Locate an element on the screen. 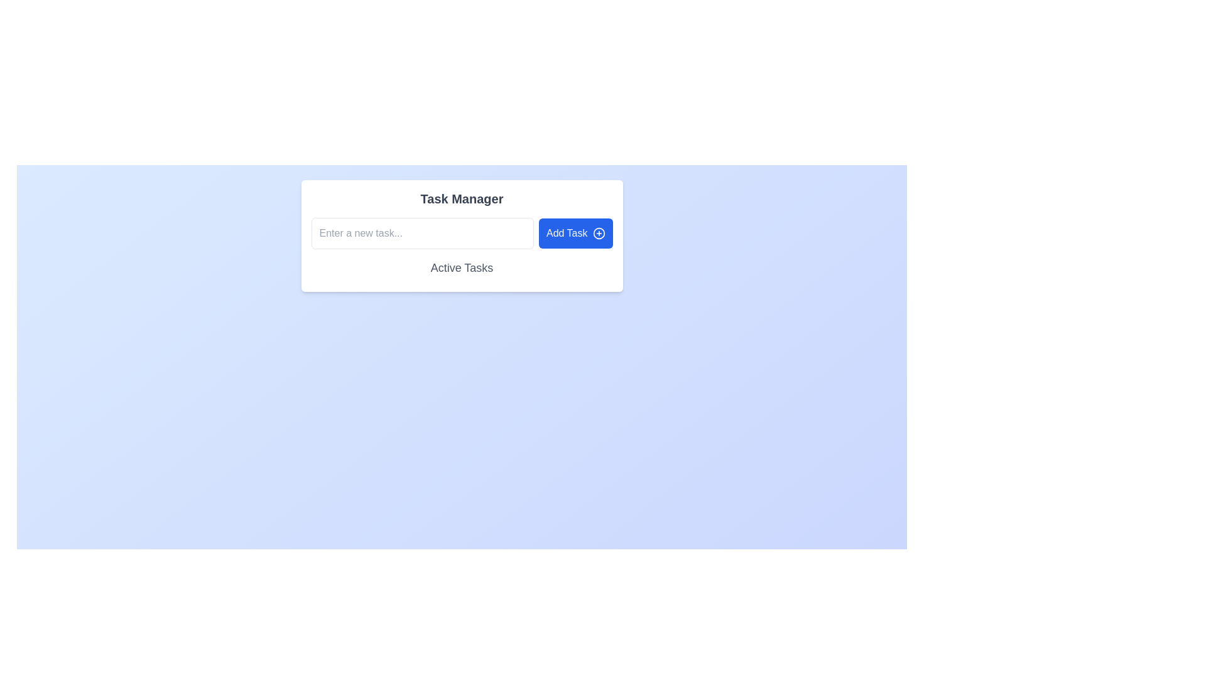  the circular border of the 'Add Task' button, which symbolizes adding or creating an item is located at coordinates (598, 233).